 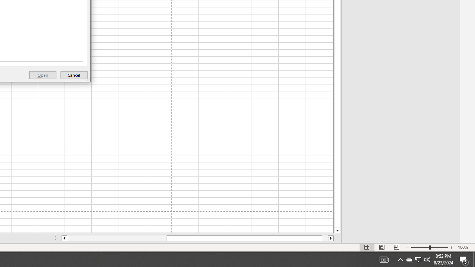 What do you see at coordinates (396, 247) in the screenshot?
I see `'Page Break Preview'` at bounding box center [396, 247].